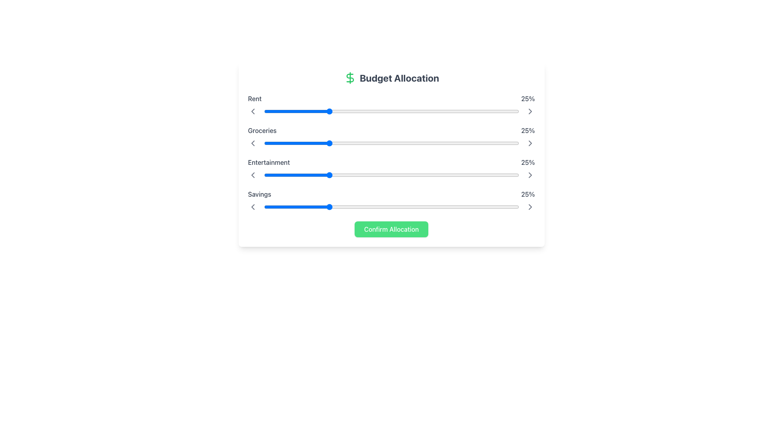  What do you see at coordinates (351, 174) in the screenshot?
I see `the slider for 'Entertainment'` at bounding box center [351, 174].